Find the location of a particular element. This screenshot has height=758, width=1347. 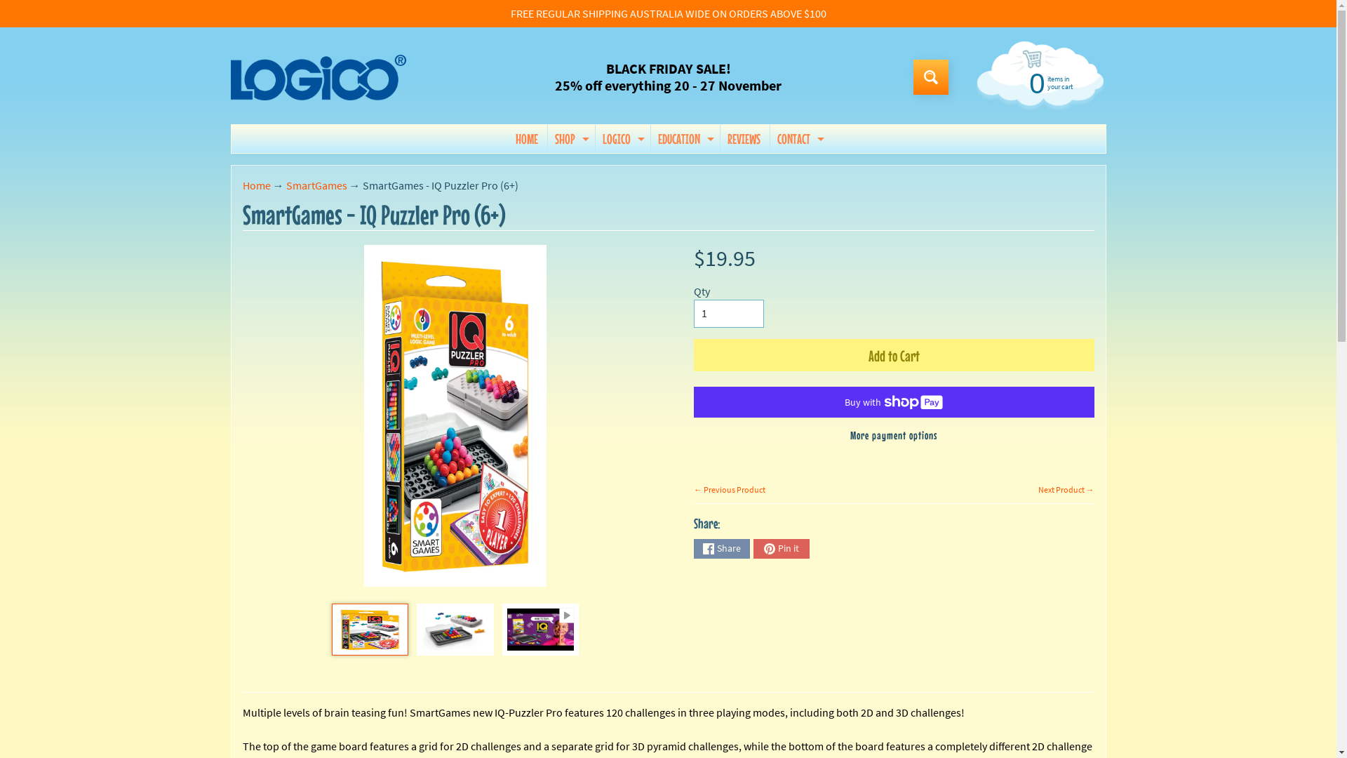

'0 is located at coordinates (1038, 81).